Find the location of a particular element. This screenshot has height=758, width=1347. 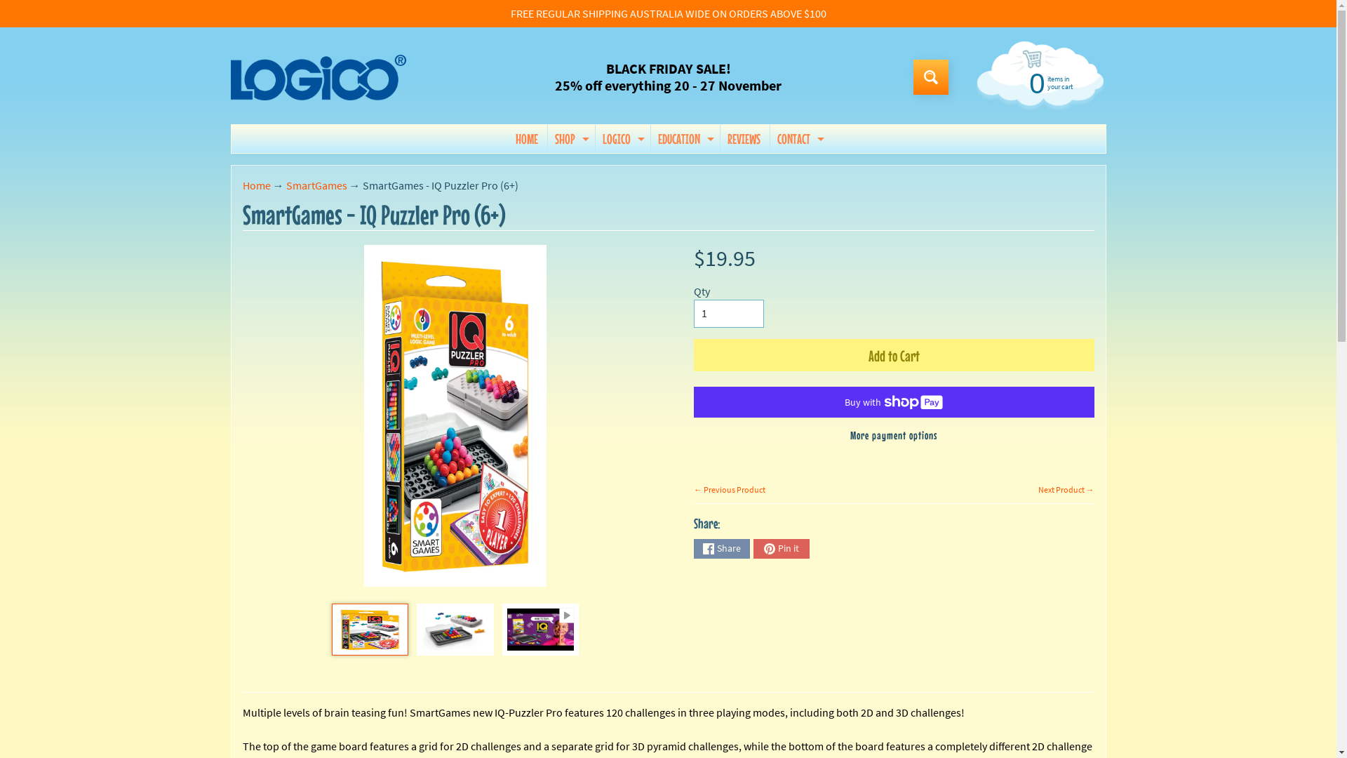

'0 is located at coordinates (1038, 81).